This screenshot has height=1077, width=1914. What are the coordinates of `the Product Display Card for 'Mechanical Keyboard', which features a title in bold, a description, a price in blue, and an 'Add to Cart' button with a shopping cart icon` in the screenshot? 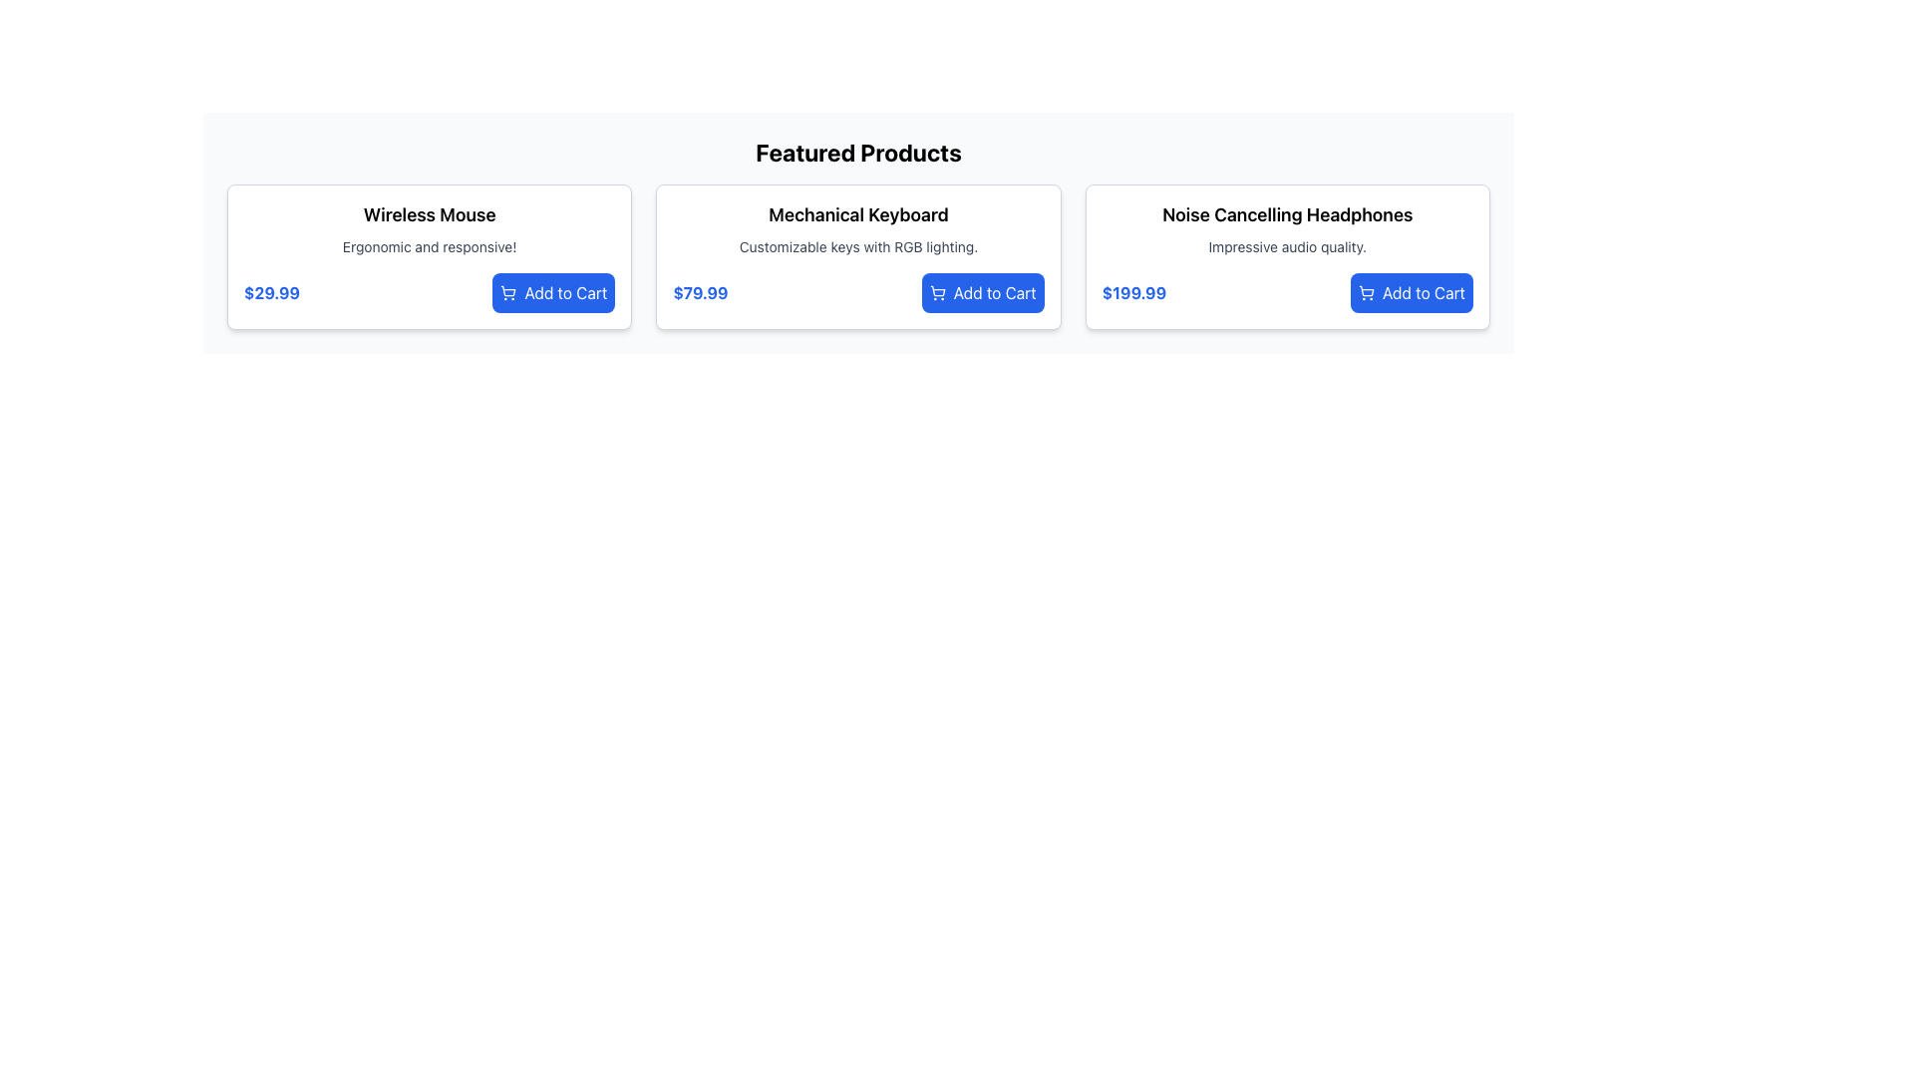 It's located at (858, 256).